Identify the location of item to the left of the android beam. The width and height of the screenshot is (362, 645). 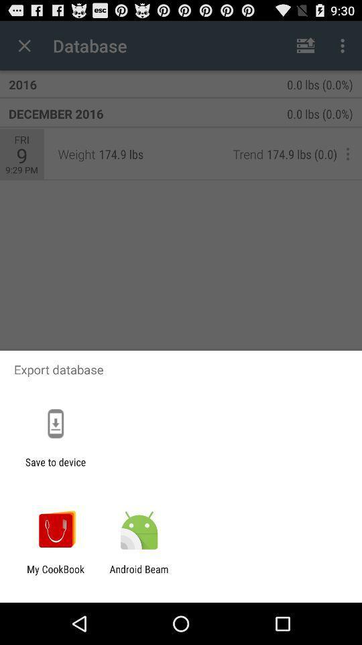
(55, 574).